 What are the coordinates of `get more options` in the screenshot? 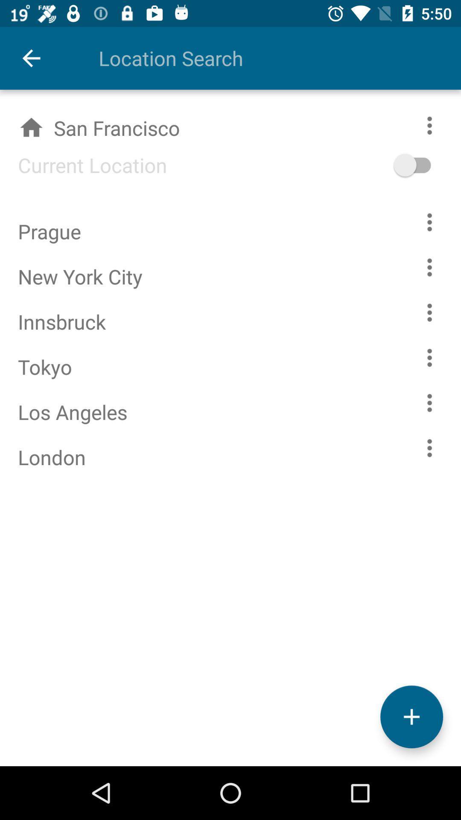 It's located at (429, 222).